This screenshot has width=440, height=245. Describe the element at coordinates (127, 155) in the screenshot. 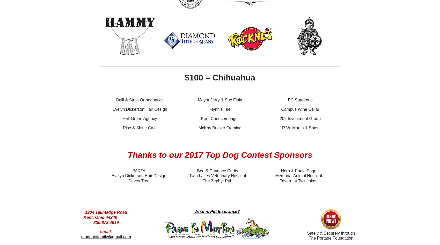

I see `'Thanks to our 2017 Top Dog Contest Sponsors'` at that location.